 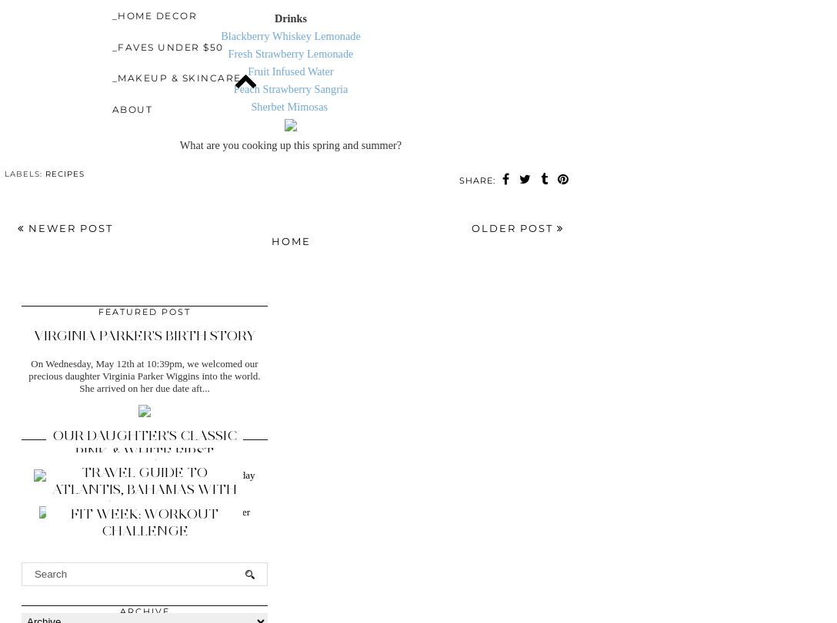 What do you see at coordinates (270, 241) in the screenshot?
I see `'Home'` at bounding box center [270, 241].